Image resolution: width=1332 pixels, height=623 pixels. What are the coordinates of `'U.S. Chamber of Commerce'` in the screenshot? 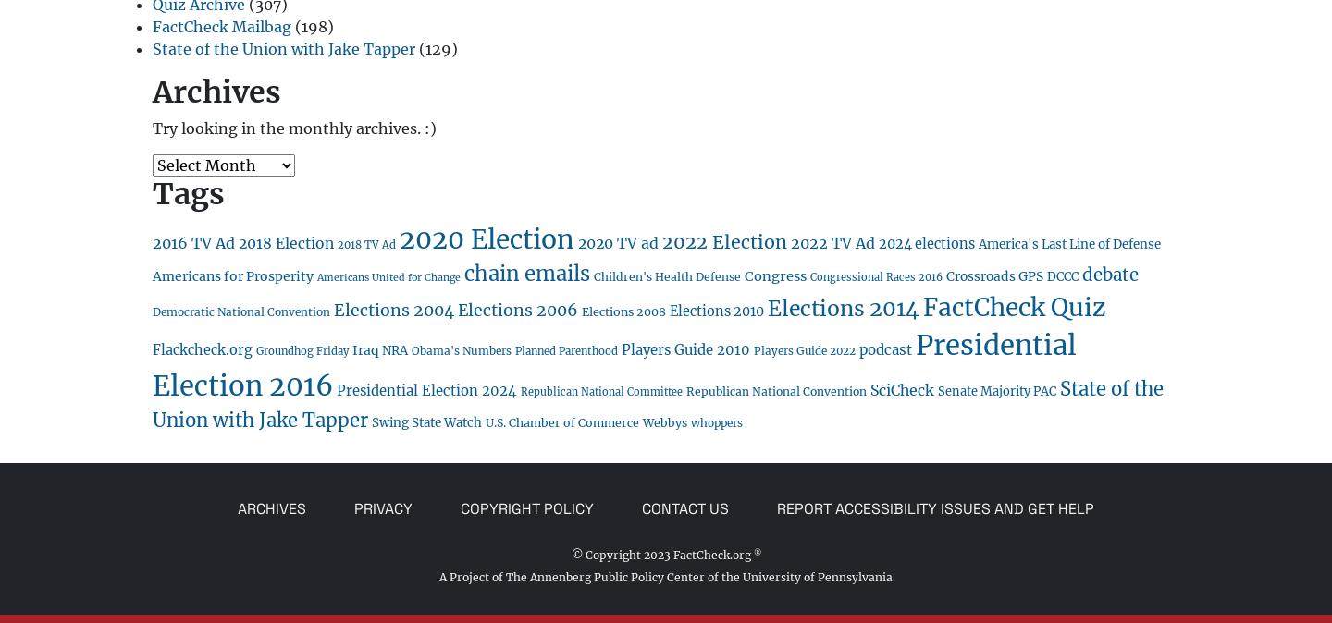 It's located at (561, 421).